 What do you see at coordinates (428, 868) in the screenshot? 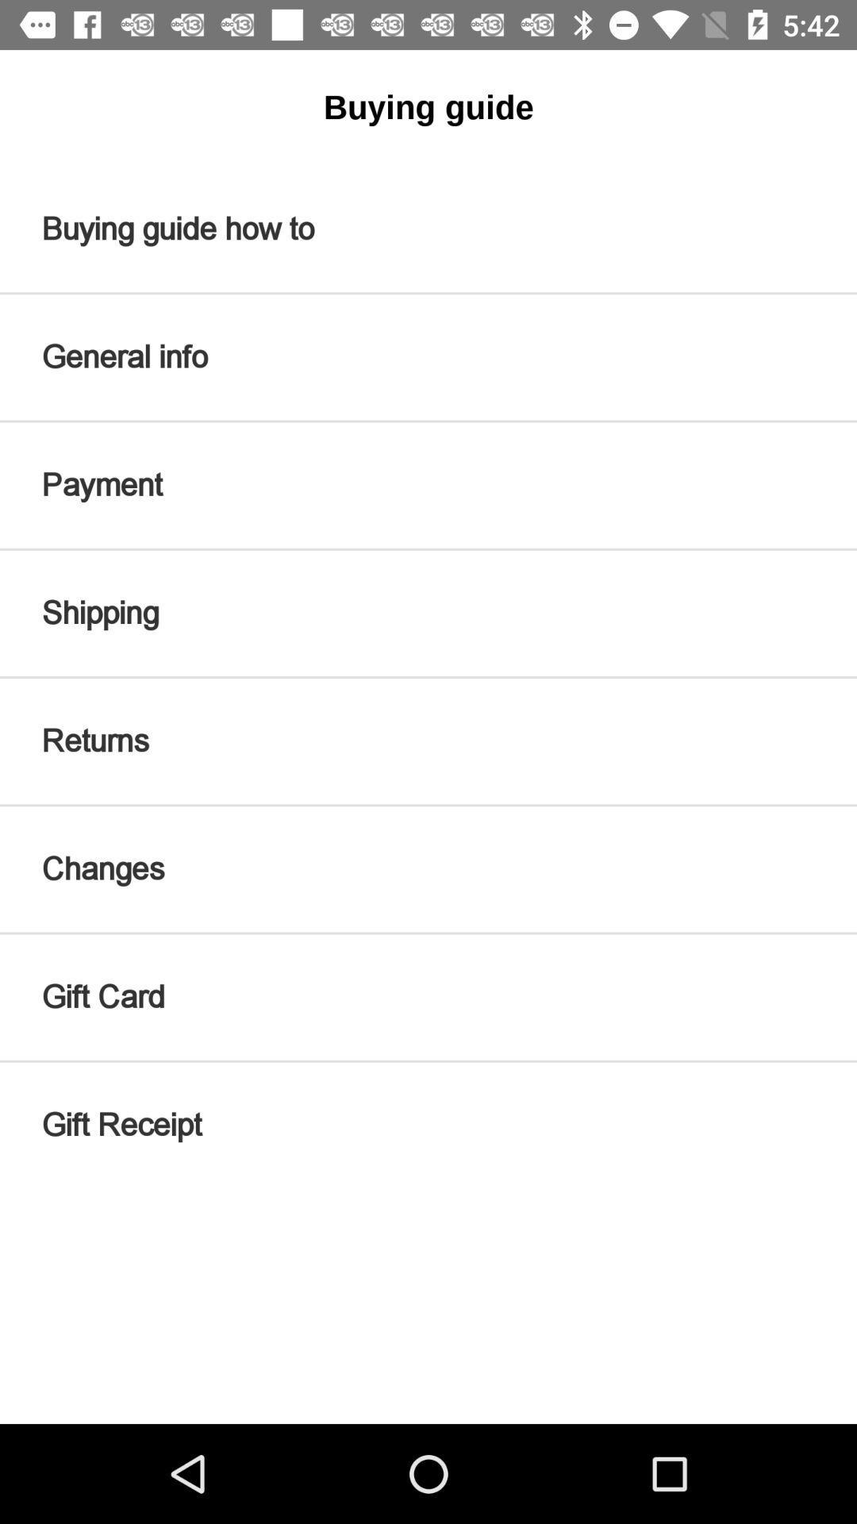
I see `icon below returns item` at bounding box center [428, 868].